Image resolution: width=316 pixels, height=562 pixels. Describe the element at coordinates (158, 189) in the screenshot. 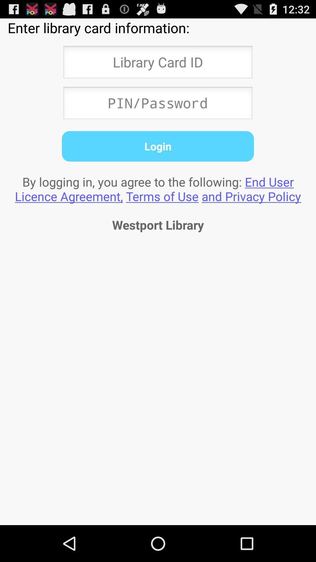

I see `app above the westport library` at that location.